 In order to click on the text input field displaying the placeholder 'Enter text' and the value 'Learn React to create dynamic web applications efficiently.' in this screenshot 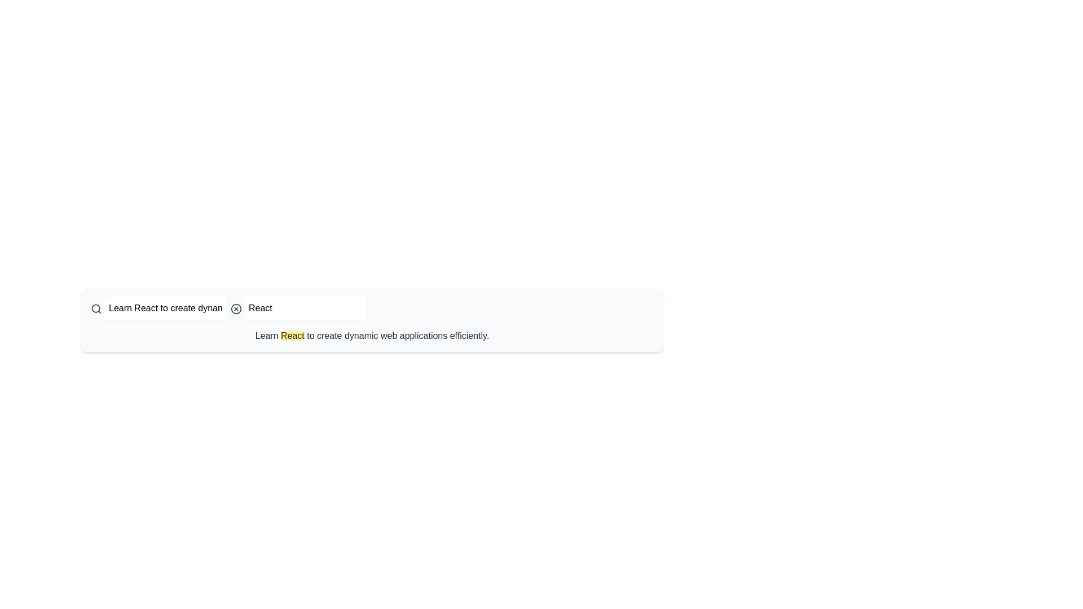, I will do `click(158, 308)`.